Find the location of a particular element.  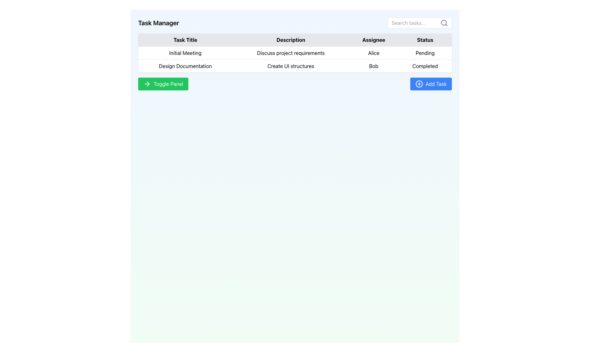

the table cell containing the text 'Initial Meeting' in the 'Task Title' column is located at coordinates (185, 52).